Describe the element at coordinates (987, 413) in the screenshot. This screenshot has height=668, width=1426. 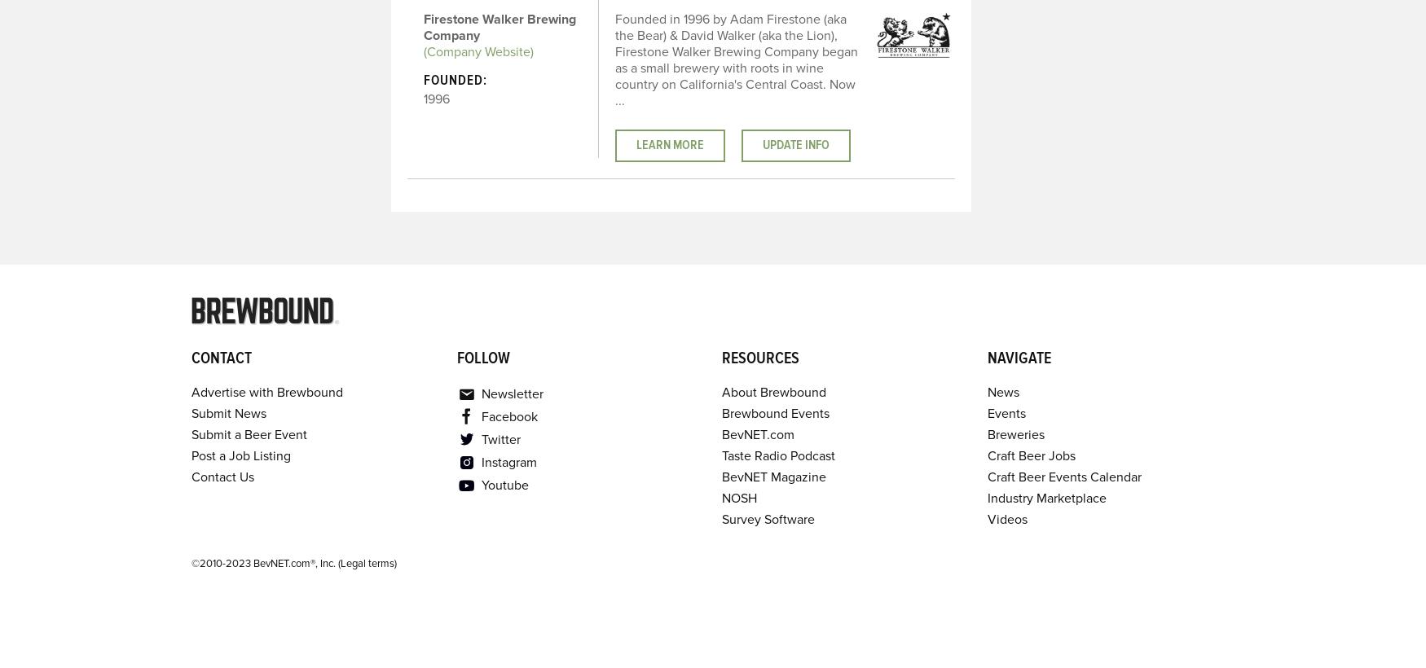
I see `'Events'` at that location.